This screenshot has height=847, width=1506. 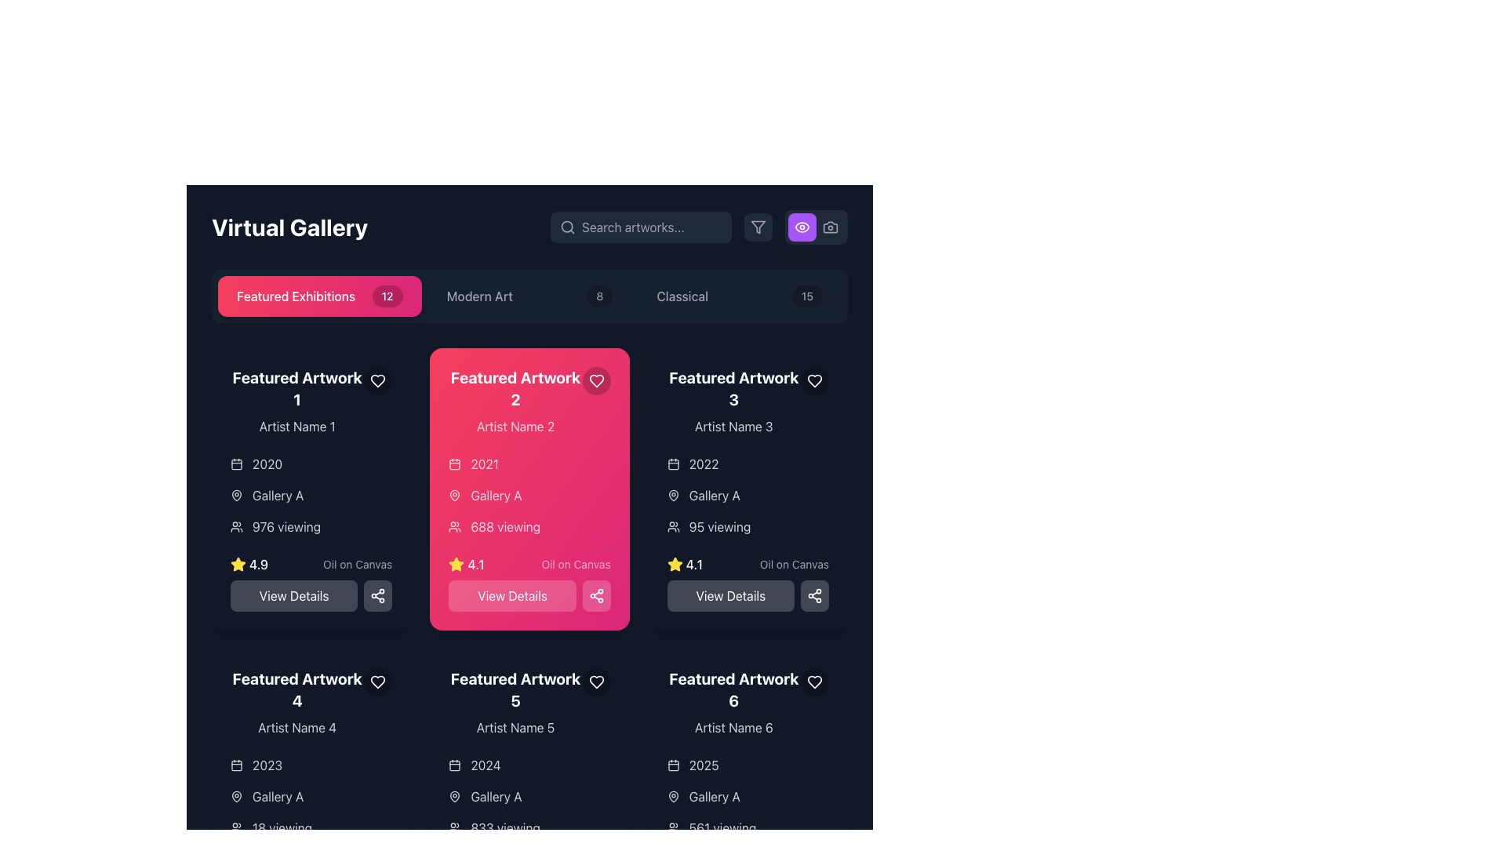 I want to click on the button with a pink background and white text reading 'View Details' located at the bottom of the card titled 'Featured Artwork 2', so click(x=529, y=595).